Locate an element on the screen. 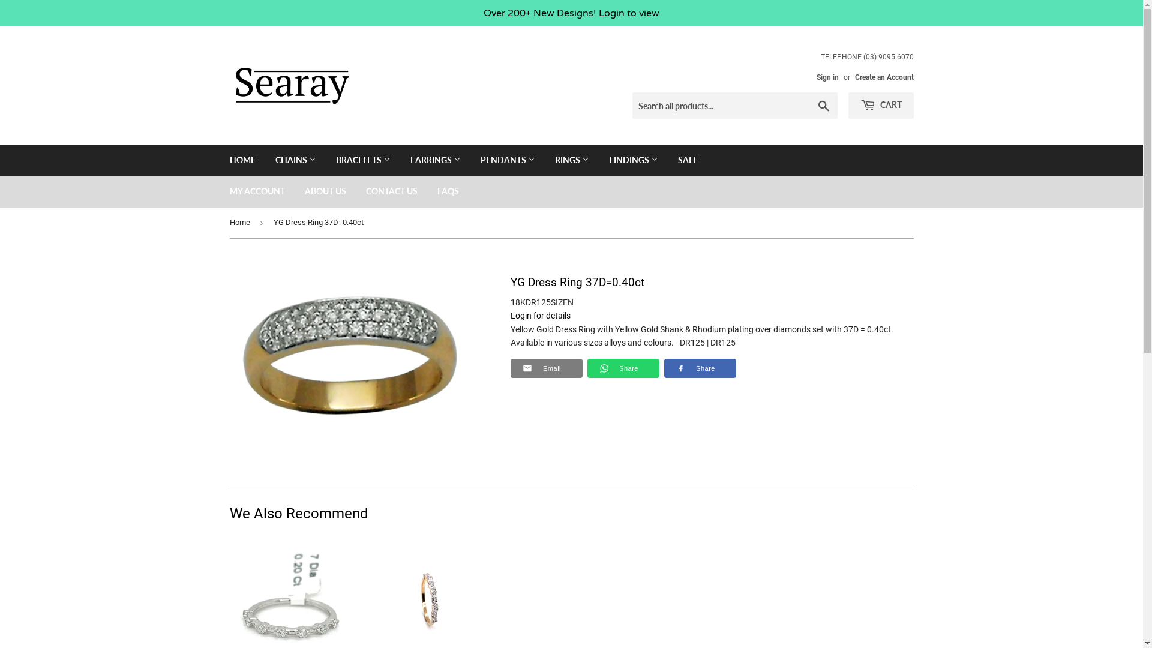  'Home' is located at coordinates (241, 223).